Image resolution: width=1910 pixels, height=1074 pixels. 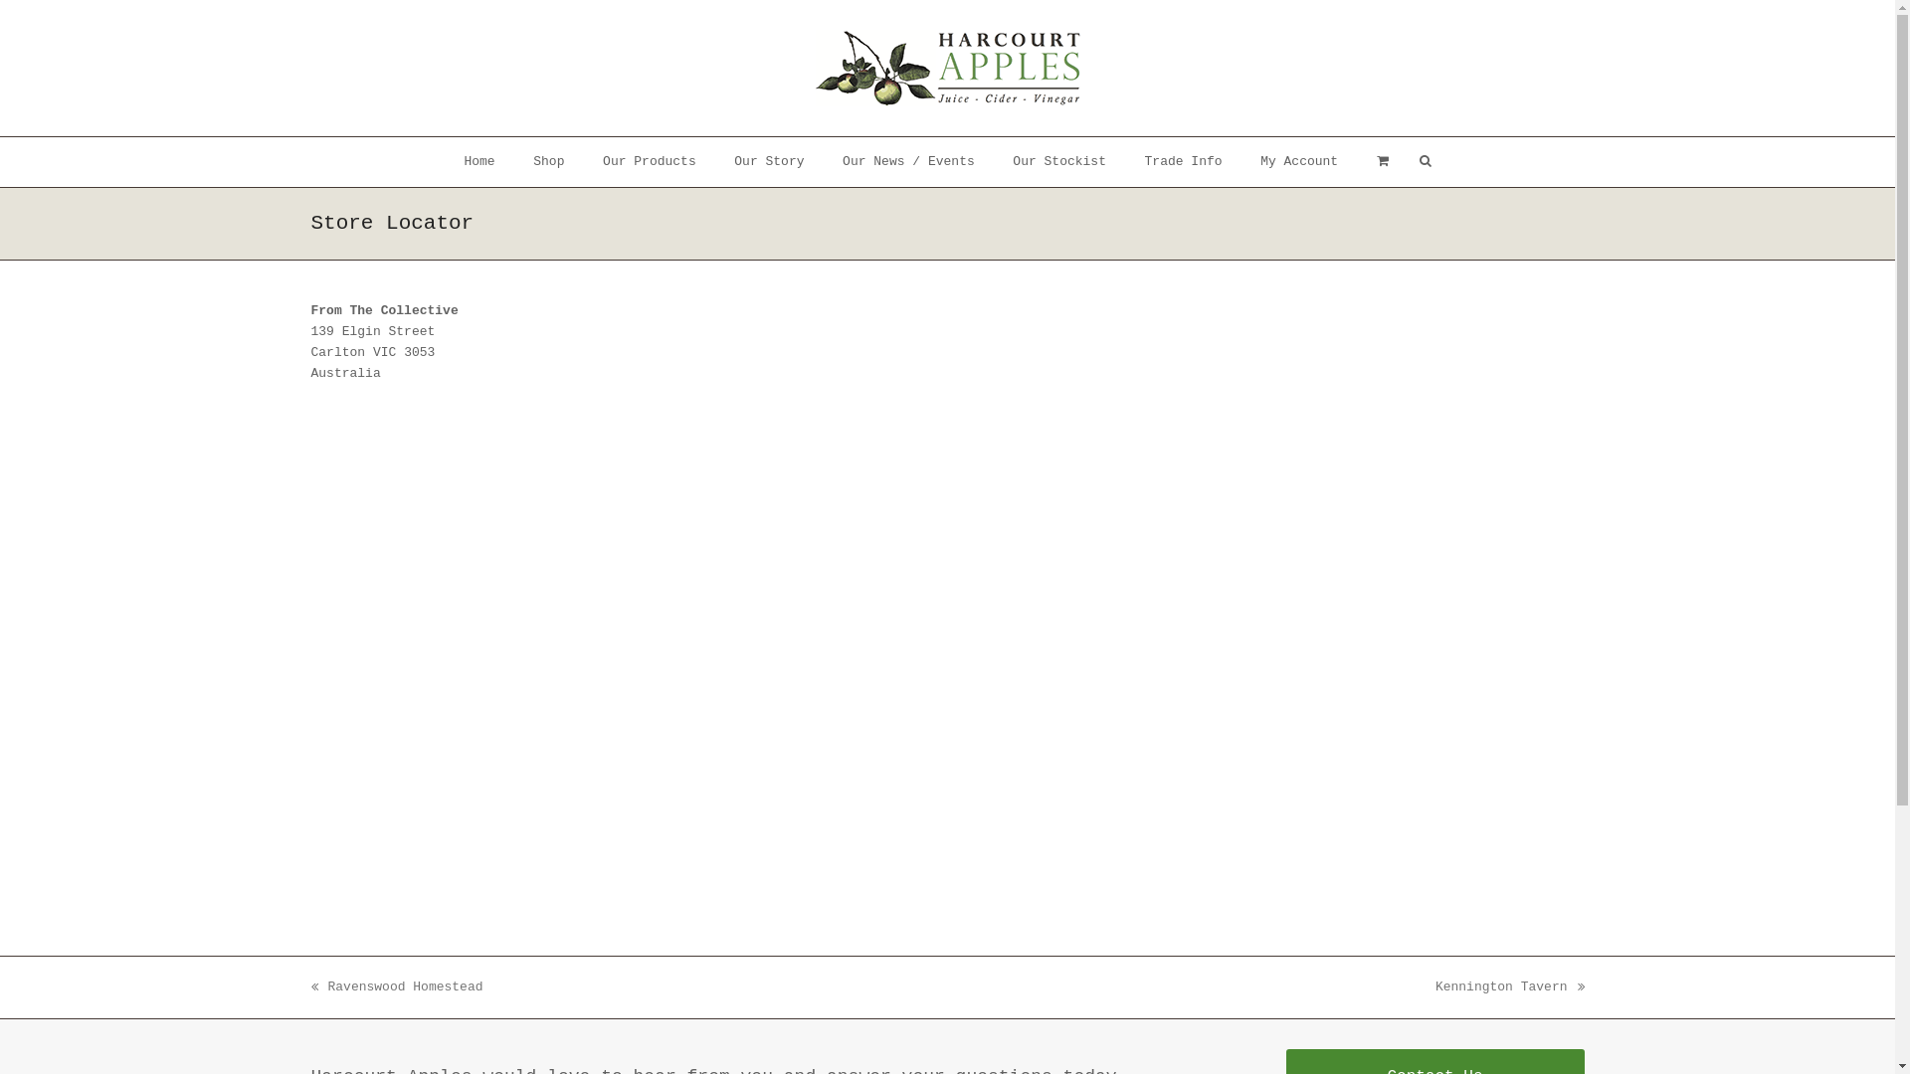 What do you see at coordinates (1509, 986) in the screenshot?
I see `'next post:` at bounding box center [1509, 986].